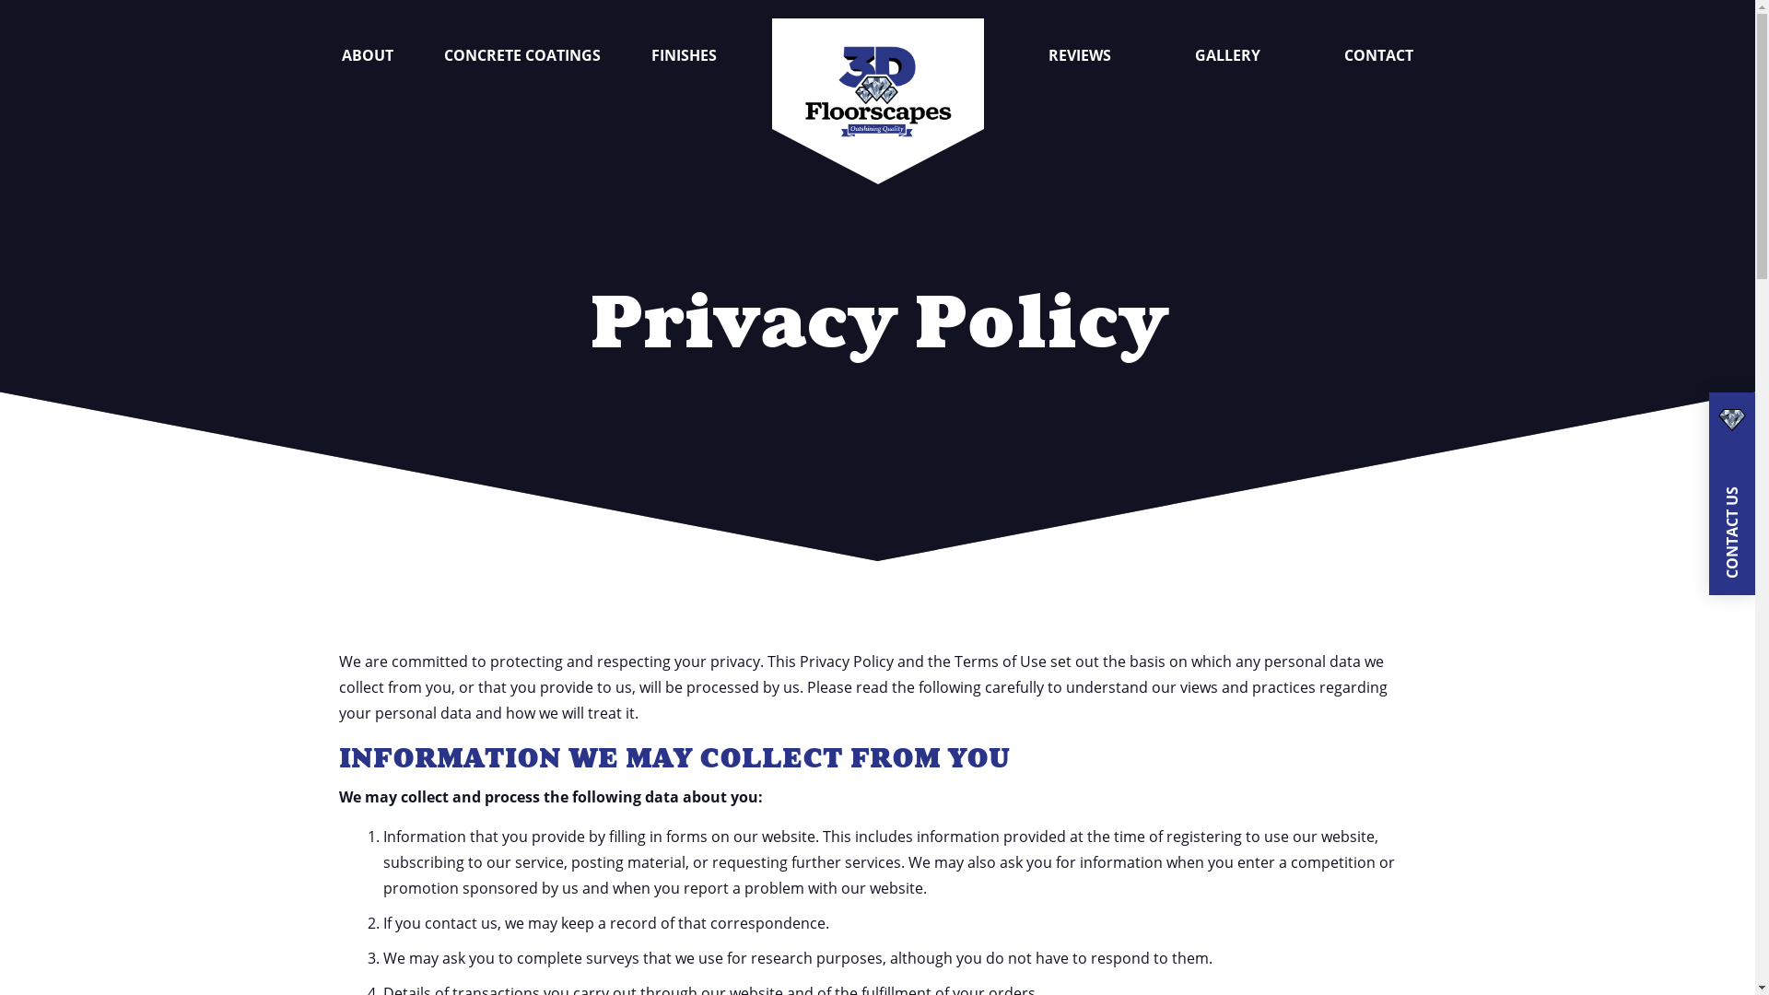 Image resolution: width=1769 pixels, height=995 pixels. What do you see at coordinates (683, 54) in the screenshot?
I see `'FINISHES'` at bounding box center [683, 54].